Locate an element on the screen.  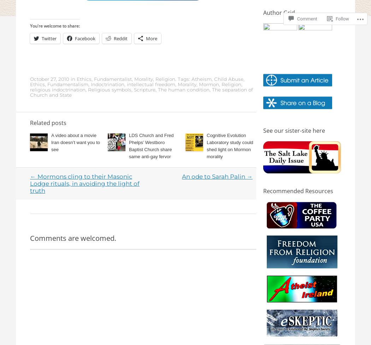
'Twitter' is located at coordinates (49, 38).